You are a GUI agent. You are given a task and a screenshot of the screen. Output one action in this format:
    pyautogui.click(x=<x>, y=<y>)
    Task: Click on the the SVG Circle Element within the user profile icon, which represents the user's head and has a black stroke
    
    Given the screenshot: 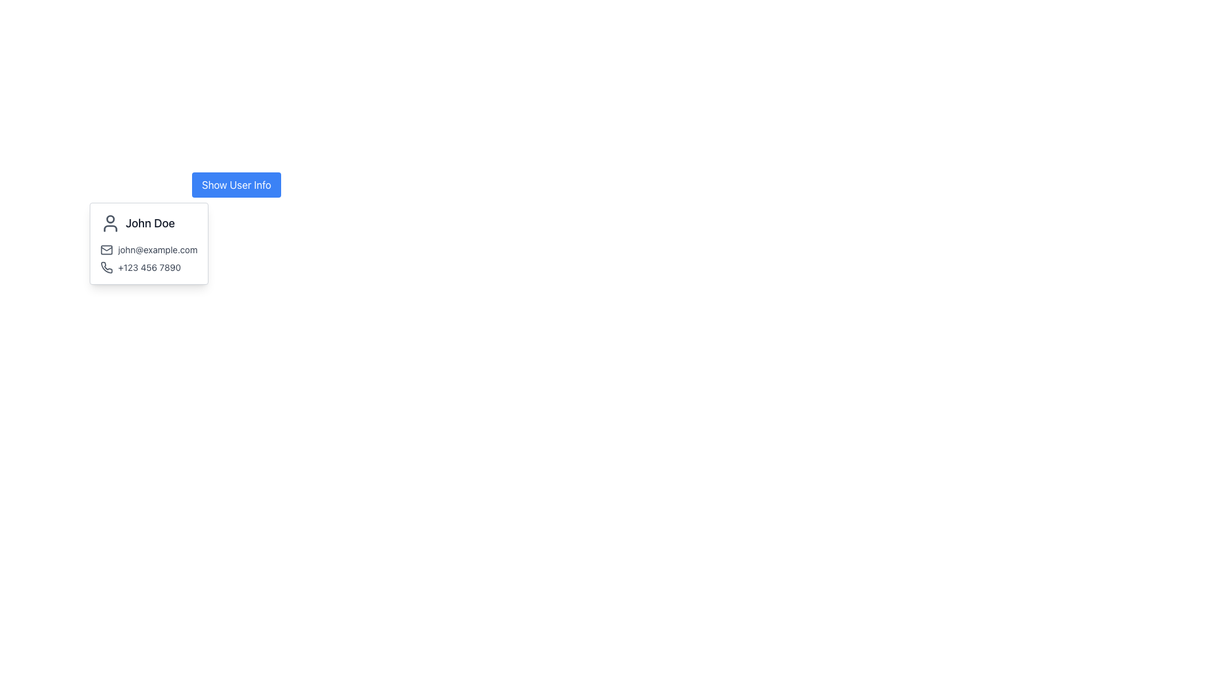 What is the action you would take?
    pyautogui.click(x=110, y=218)
    